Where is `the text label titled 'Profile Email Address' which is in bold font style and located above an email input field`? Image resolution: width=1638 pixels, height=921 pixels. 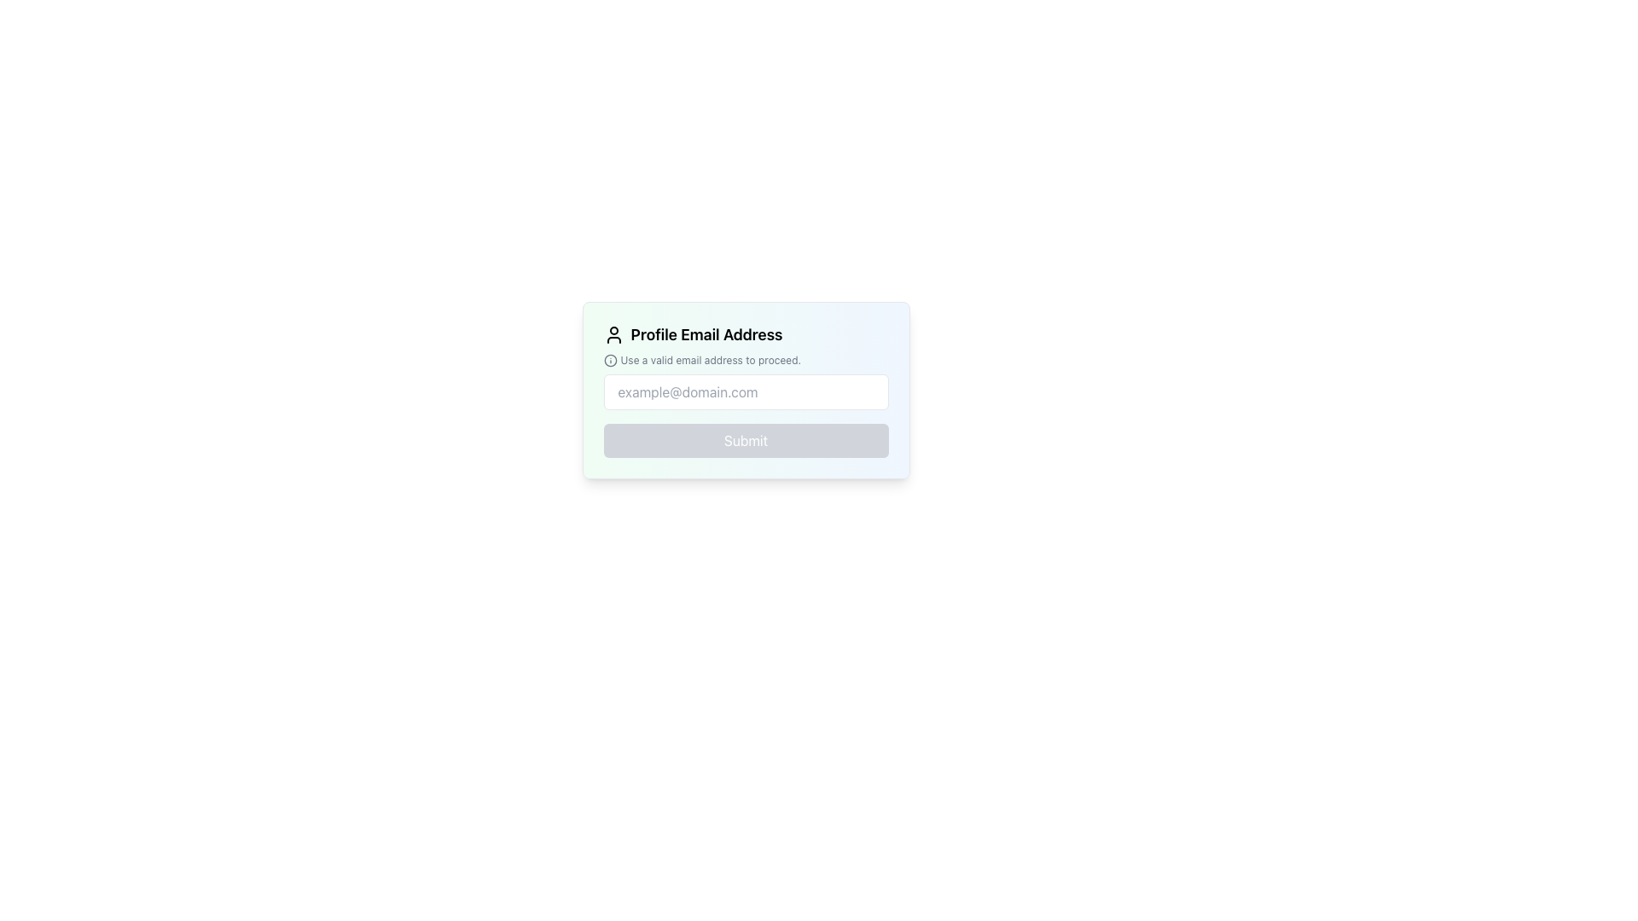
the text label titled 'Profile Email Address' which is in bold font style and located above an email input field is located at coordinates (746, 335).